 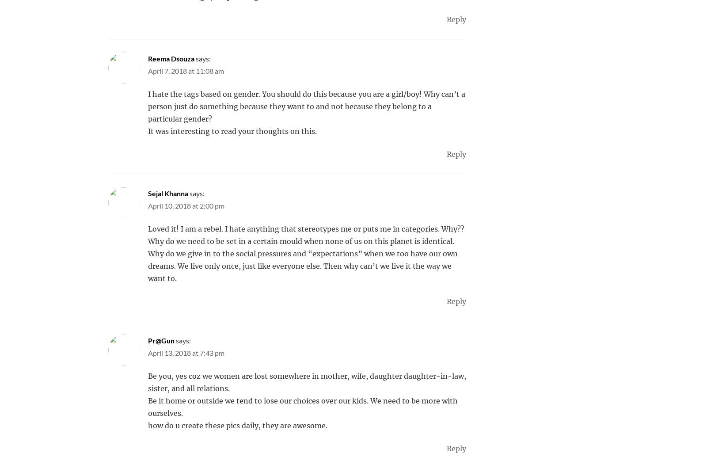 I want to click on 'April 13, 2018 at 7:43 pm', so click(x=148, y=352).